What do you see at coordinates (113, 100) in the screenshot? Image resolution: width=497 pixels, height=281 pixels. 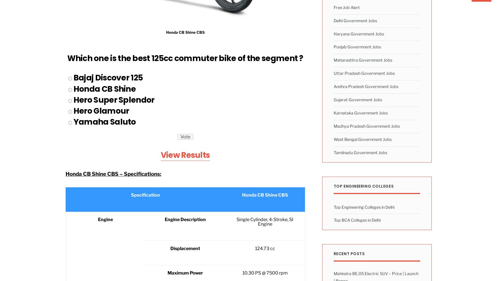 I see `'Hero Super Splendor'` at bounding box center [113, 100].